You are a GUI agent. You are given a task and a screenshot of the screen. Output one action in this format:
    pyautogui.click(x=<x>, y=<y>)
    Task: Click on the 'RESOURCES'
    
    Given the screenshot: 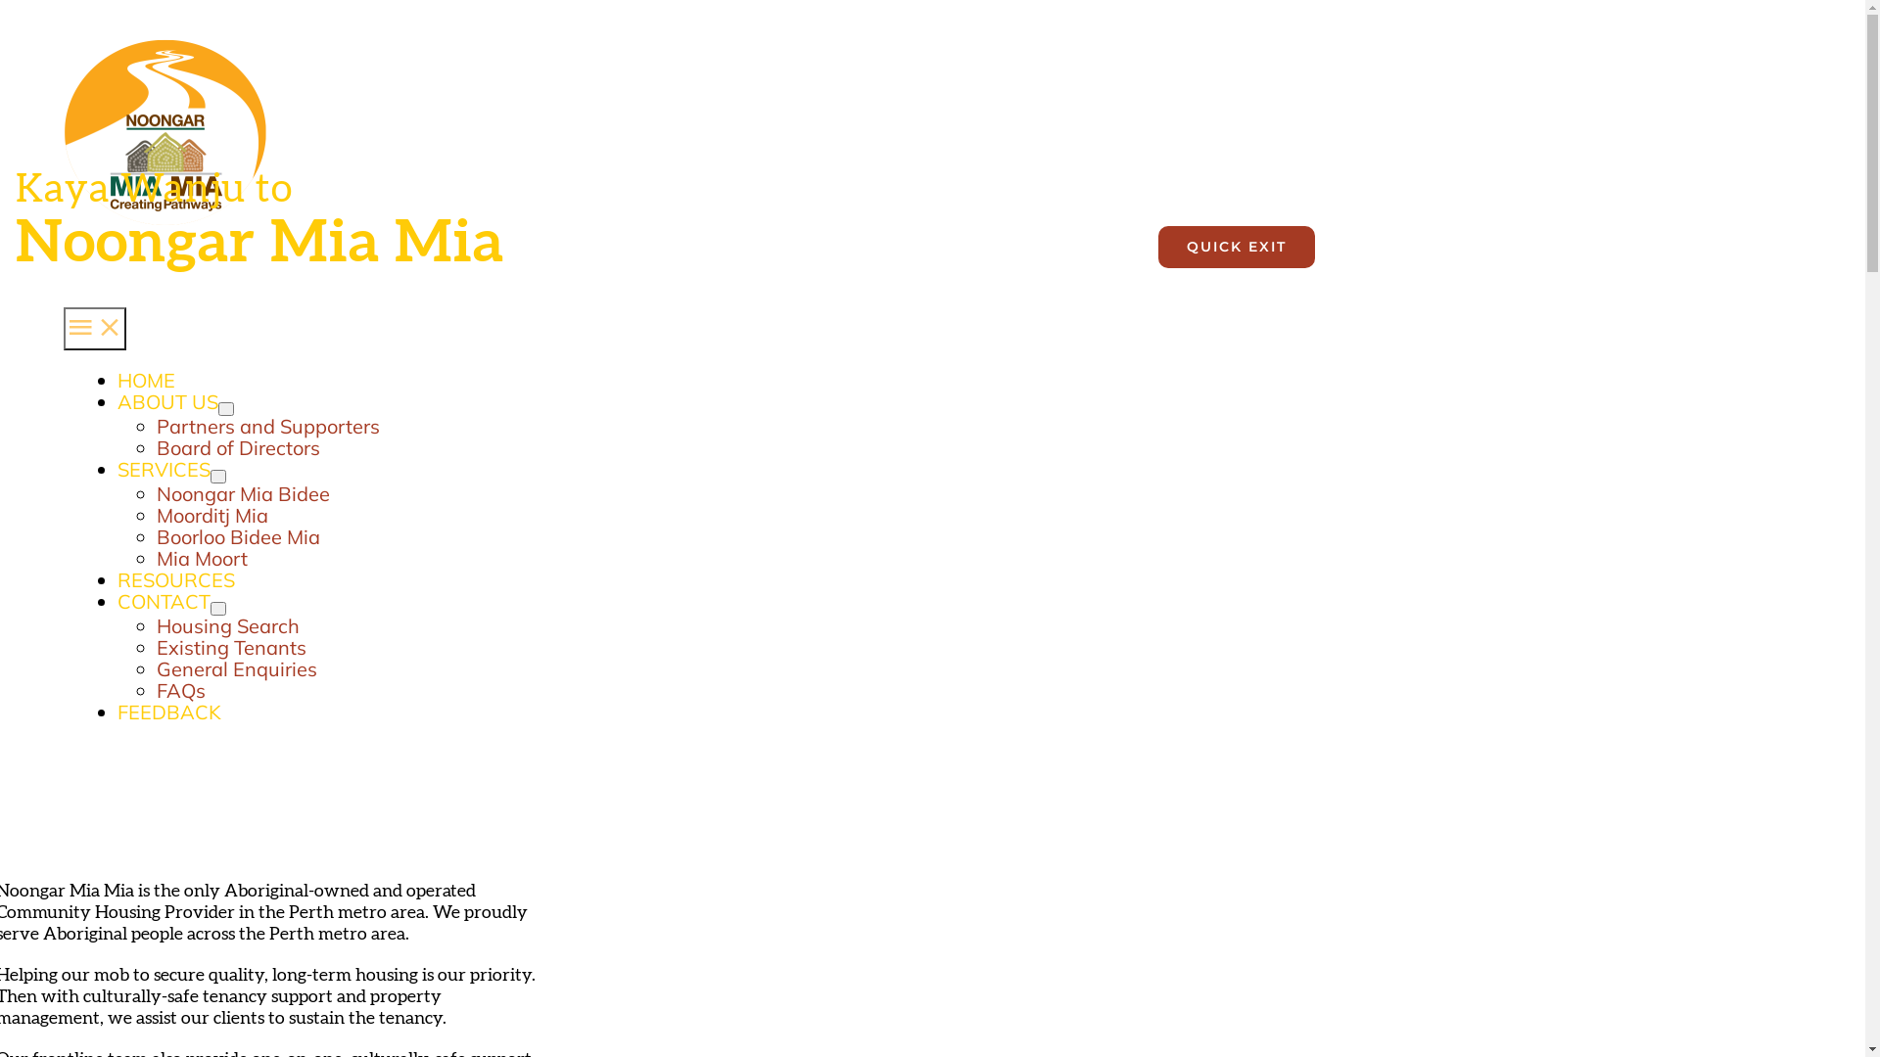 What is the action you would take?
    pyautogui.click(x=176, y=578)
    